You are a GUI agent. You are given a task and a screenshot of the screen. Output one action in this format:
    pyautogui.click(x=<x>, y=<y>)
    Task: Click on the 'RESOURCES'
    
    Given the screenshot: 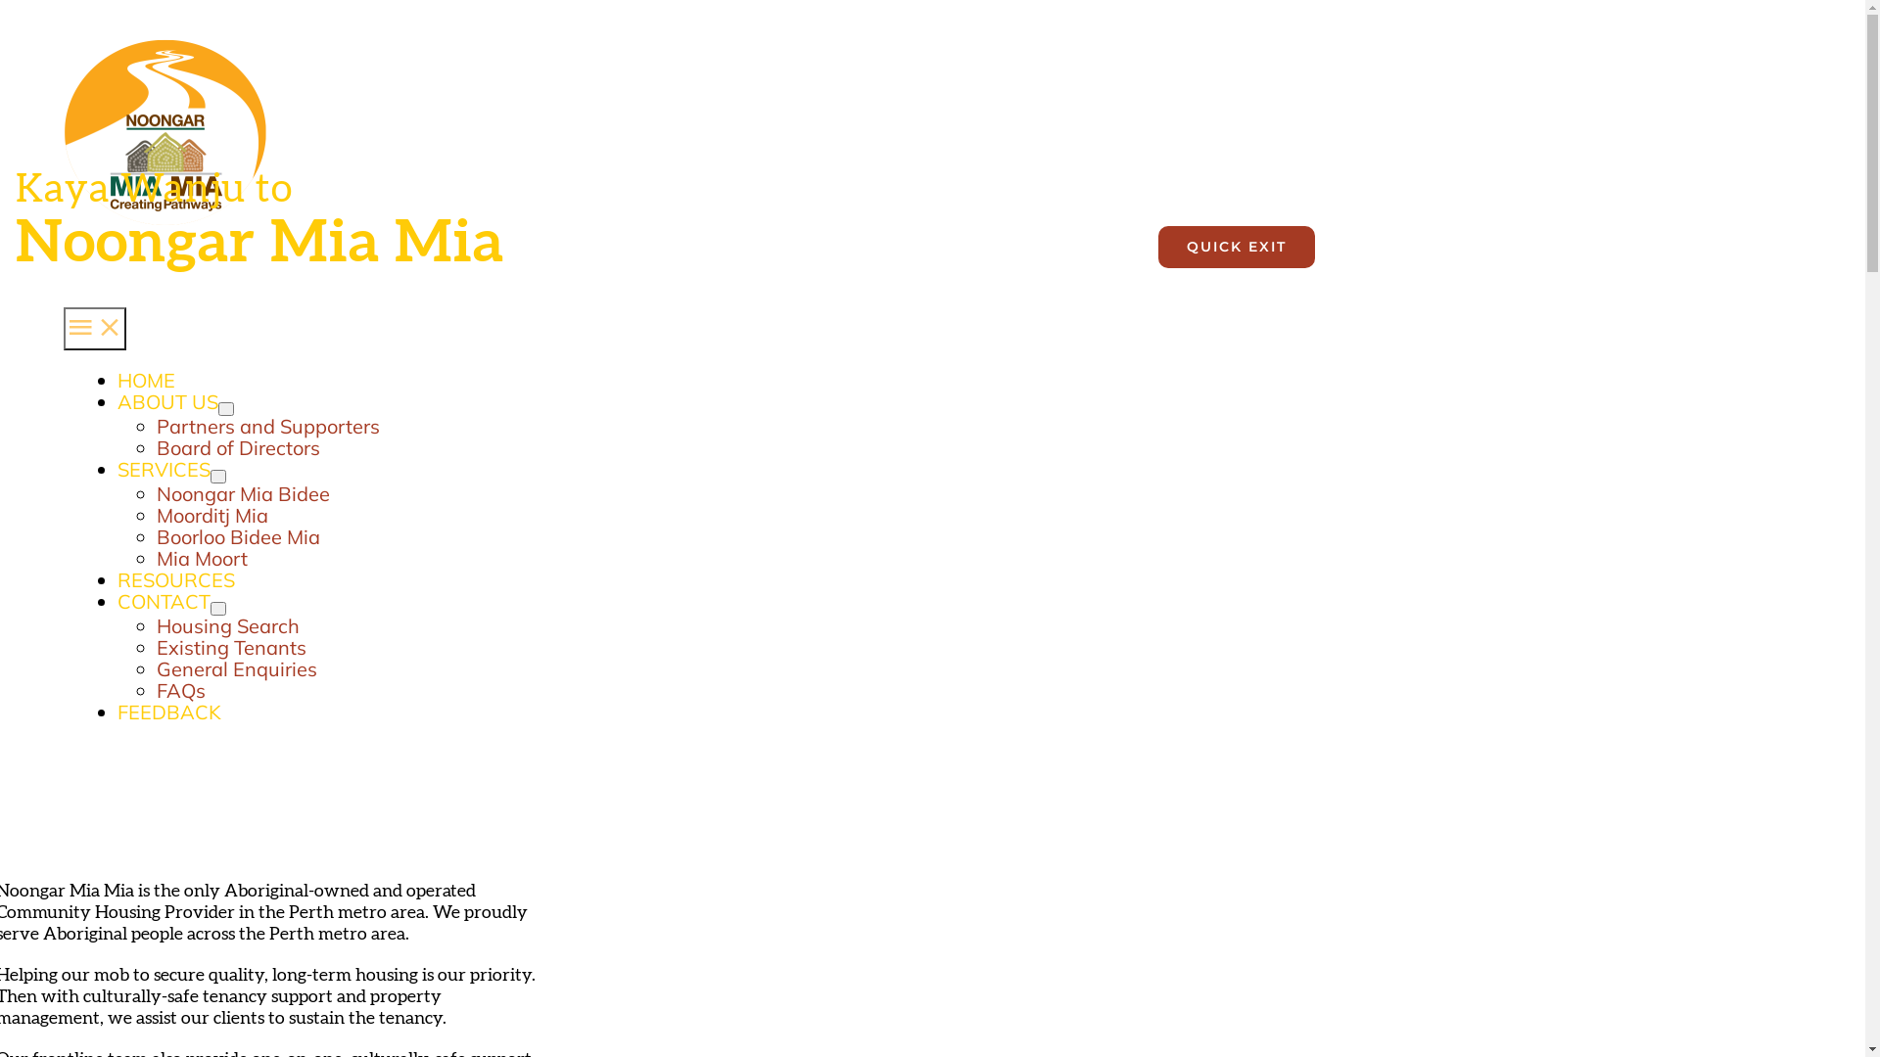 What is the action you would take?
    pyautogui.click(x=176, y=578)
    